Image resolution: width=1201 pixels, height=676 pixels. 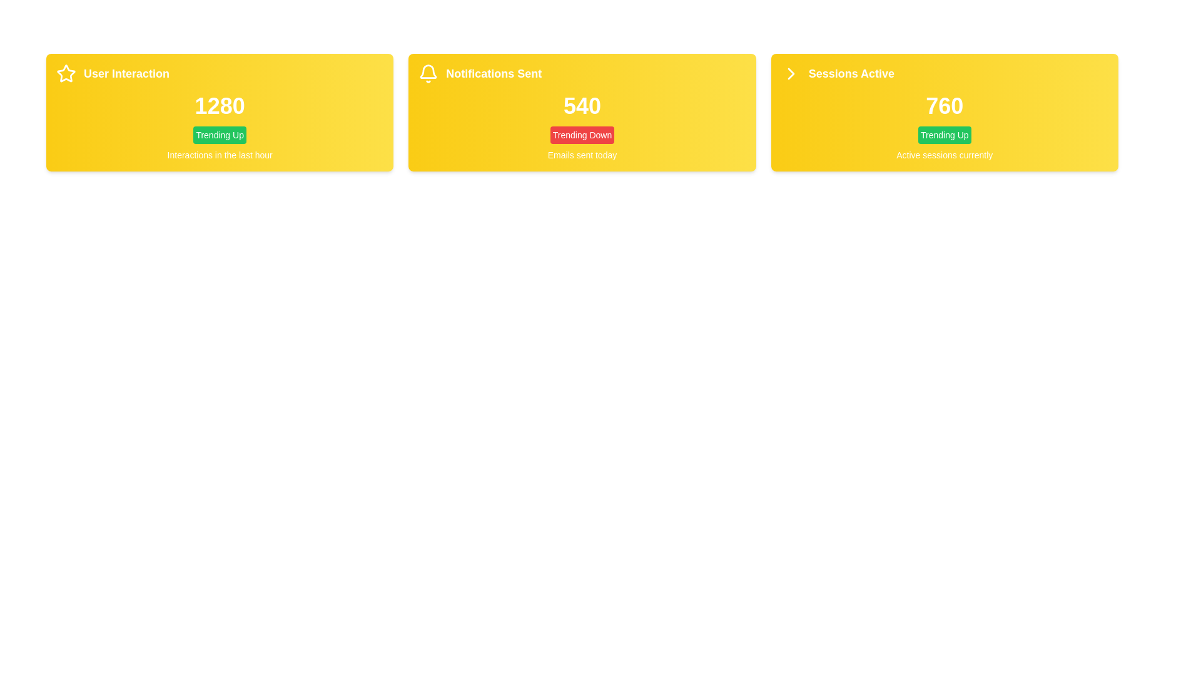 I want to click on the bolded text 'Sessions Active' which is styled with a large font in white against a yellow background, located in the rightmost card of a row of three cards, so click(x=851, y=74).